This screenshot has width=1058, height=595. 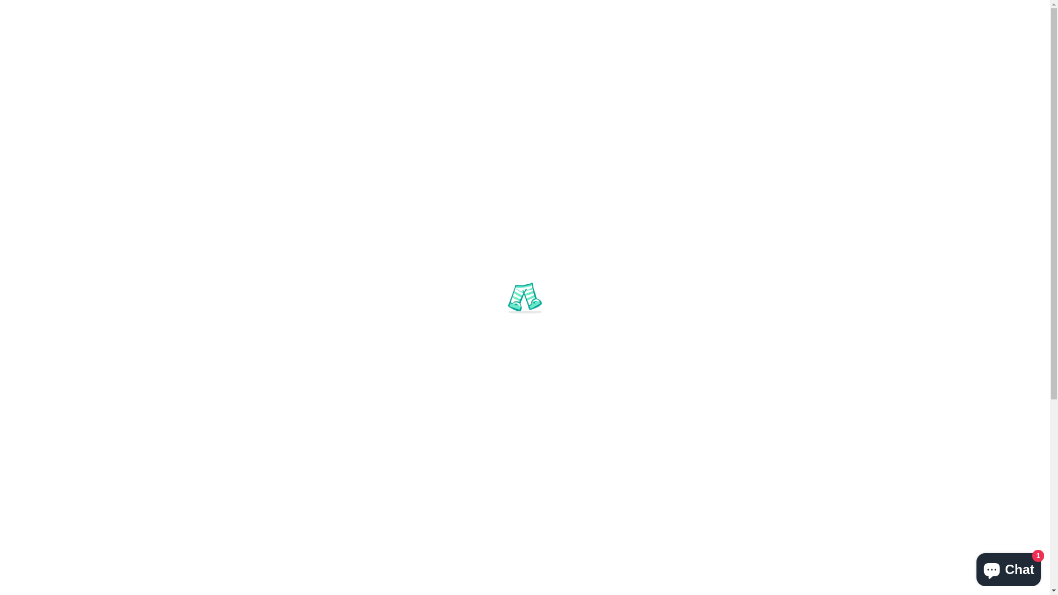 I want to click on 'HOME', so click(x=319, y=153).